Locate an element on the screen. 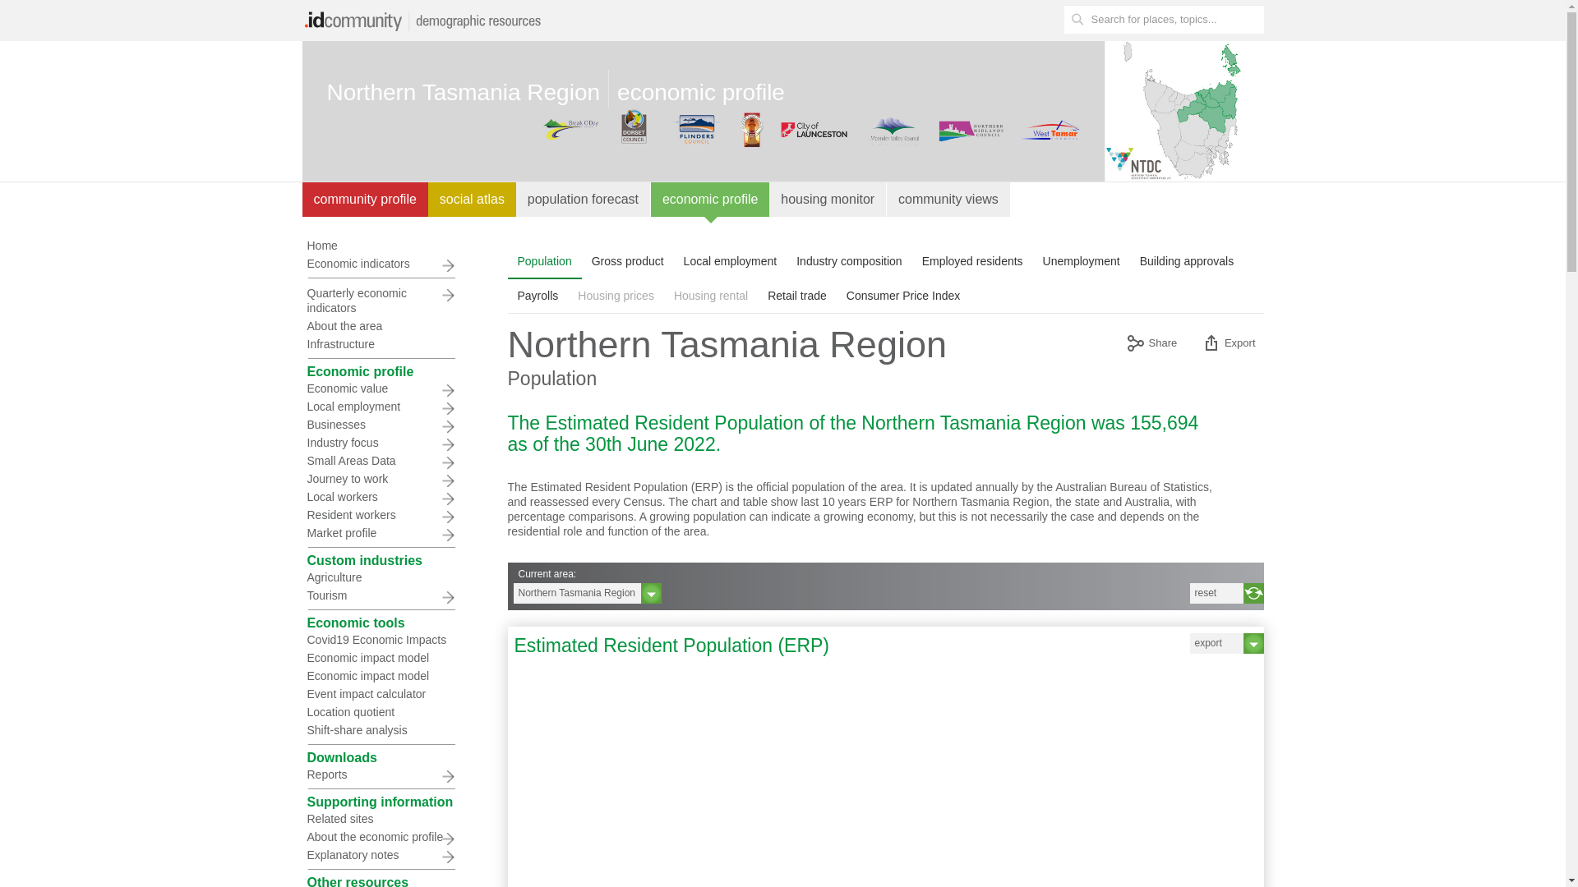  'Housing prices' is located at coordinates (615, 294).